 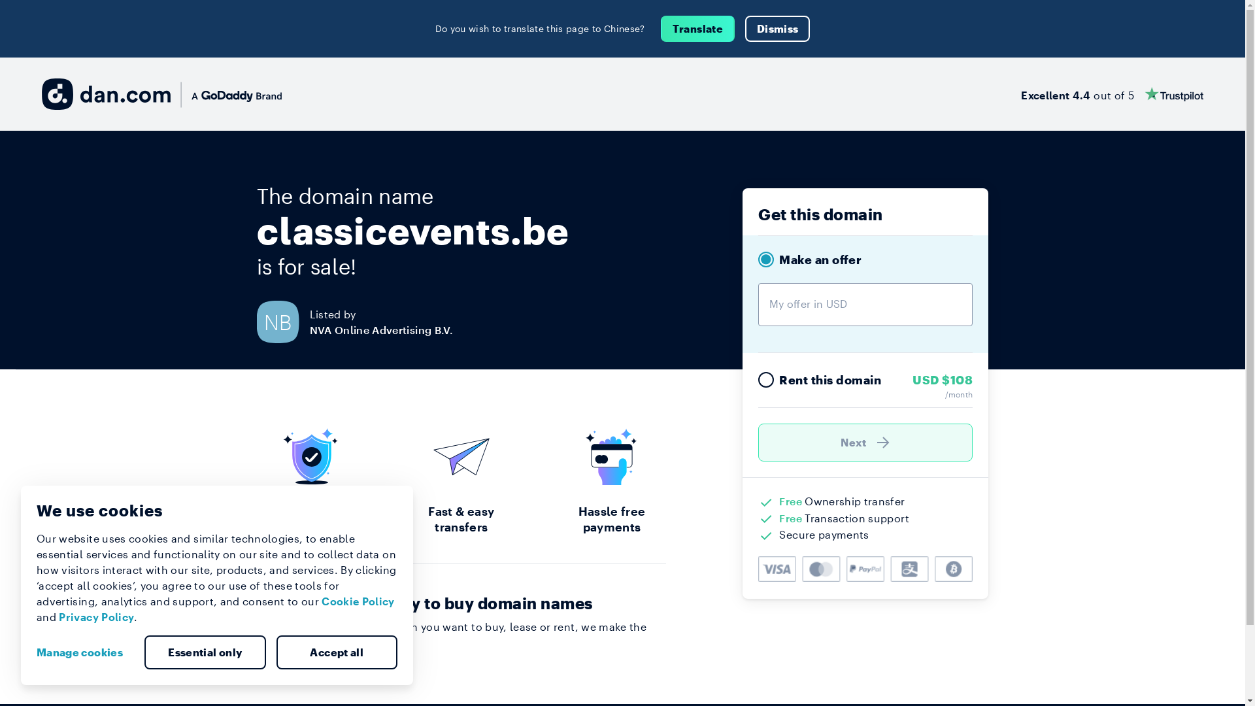 I want to click on 'Dismiss', so click(x=745, y=28).